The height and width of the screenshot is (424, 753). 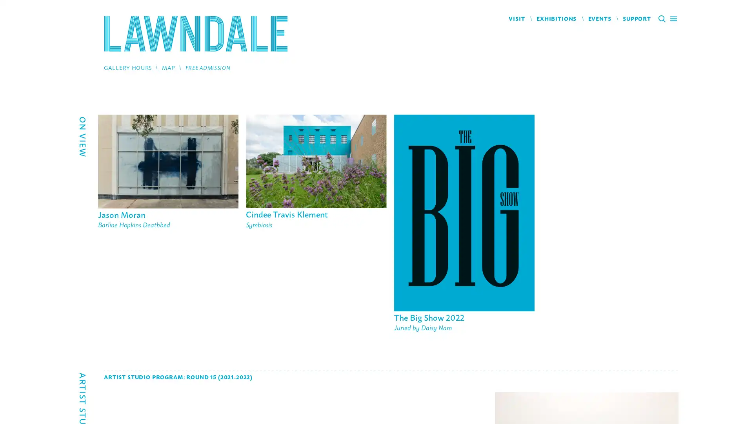 I want to click on Search, so click(x=662, y=18).